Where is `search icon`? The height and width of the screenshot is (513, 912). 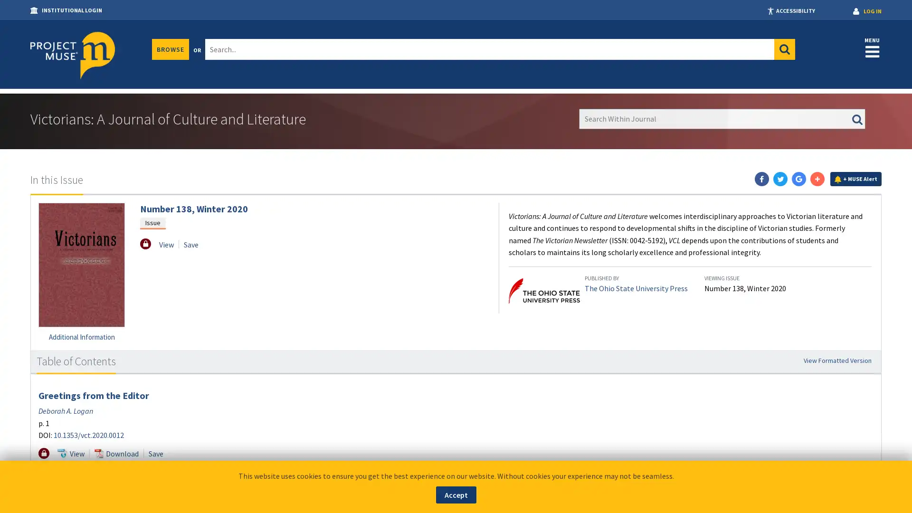 search icon is located at coordinates (784, 49).